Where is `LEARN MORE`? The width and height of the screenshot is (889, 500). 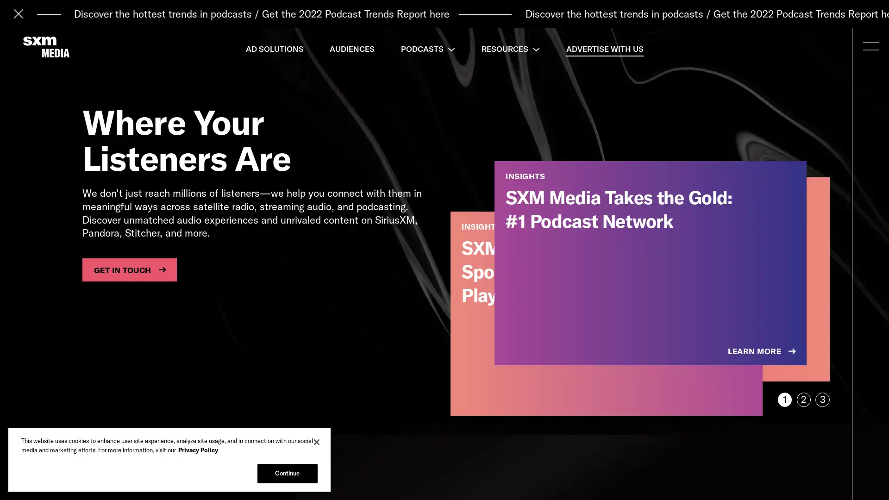 LEARN MORE is located at coordinates (763, 351).